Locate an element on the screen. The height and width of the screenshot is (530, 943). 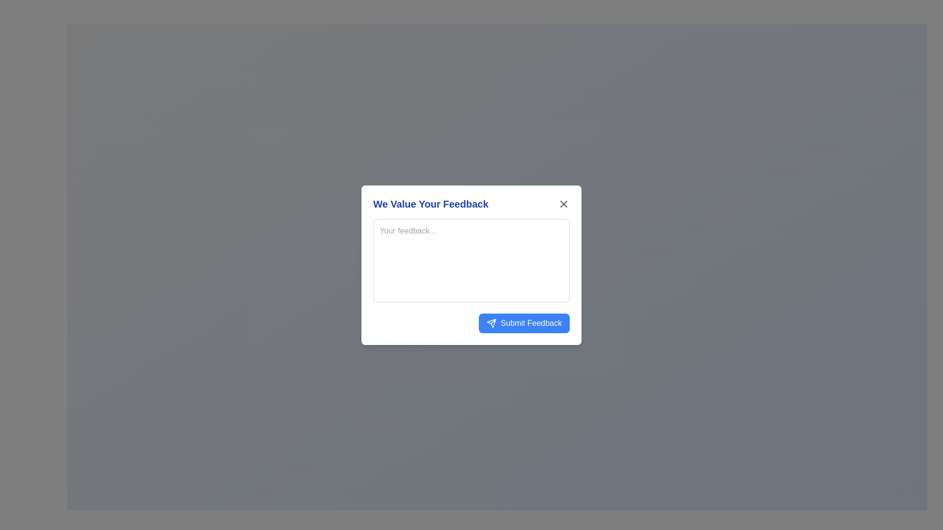
the feedback submission button located at the bottom-right of the 'We Value Your Feedback' modal is located at coordinates (524, 323).